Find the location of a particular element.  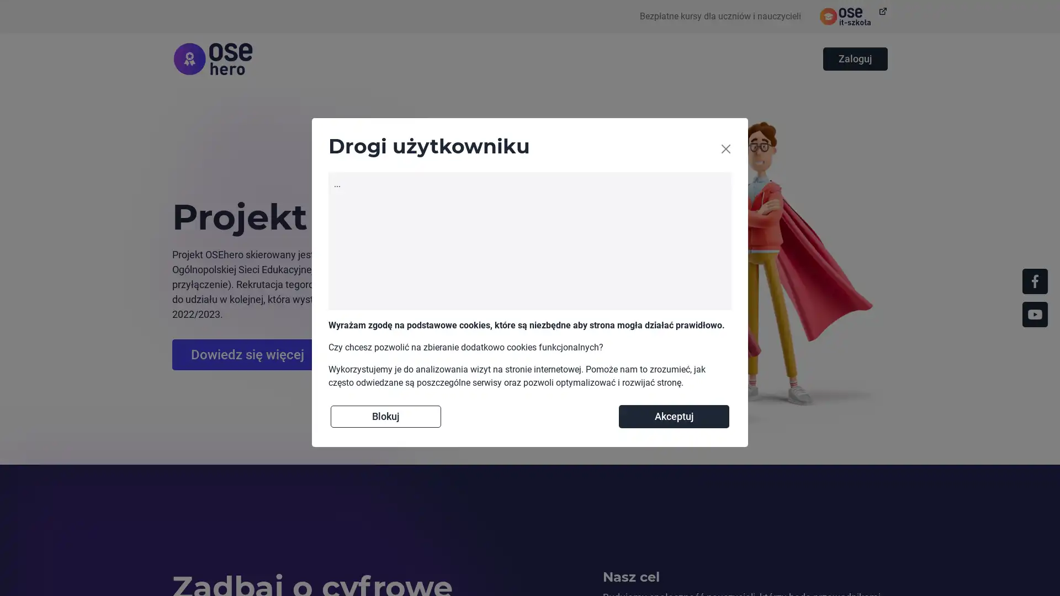

Blokuj is located at coordinates (386, 416).